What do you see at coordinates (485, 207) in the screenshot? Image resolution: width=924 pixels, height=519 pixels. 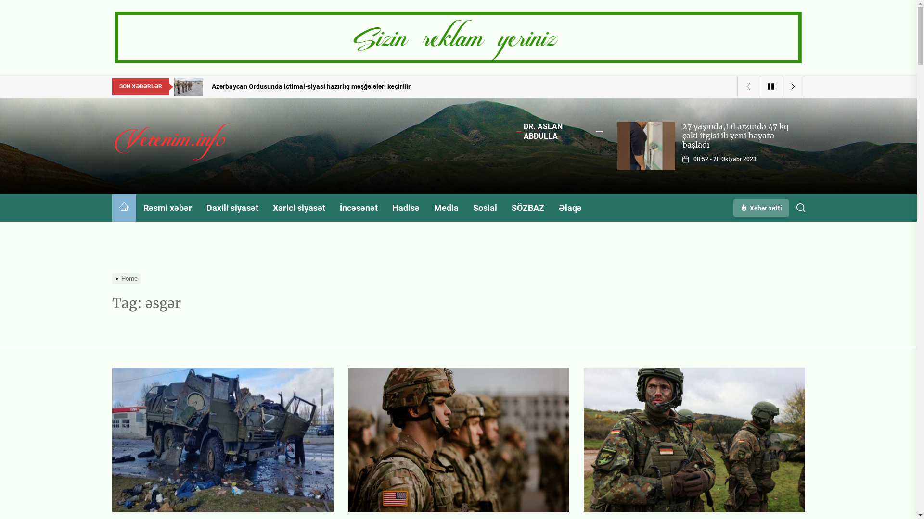 I see `'Sosial'` at bounding box center [485, 207].